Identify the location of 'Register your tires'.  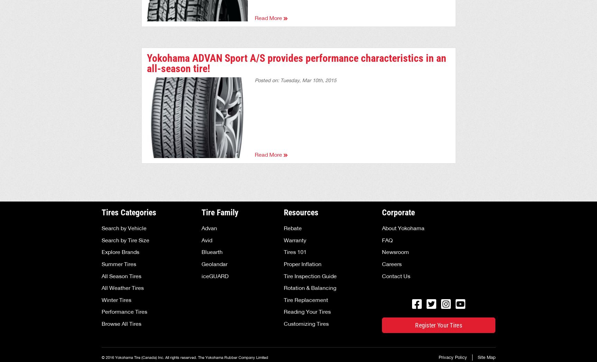
(415, 325).